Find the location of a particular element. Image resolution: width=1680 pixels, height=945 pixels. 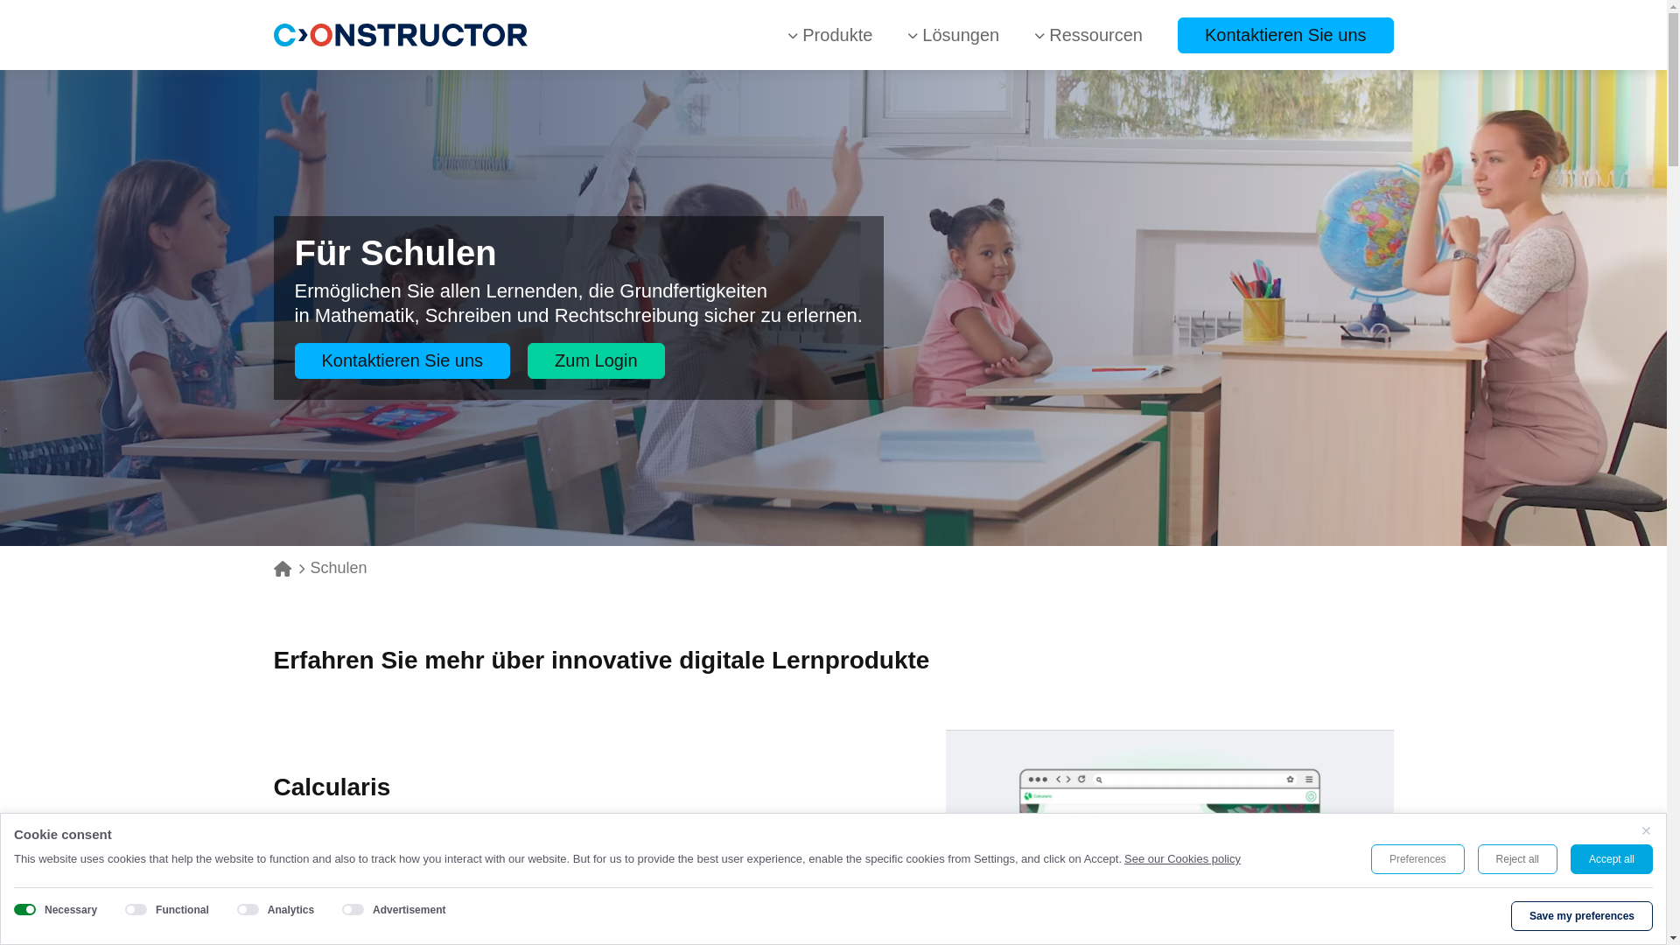

'Skip to main content' is located at coordinates (0, 0).